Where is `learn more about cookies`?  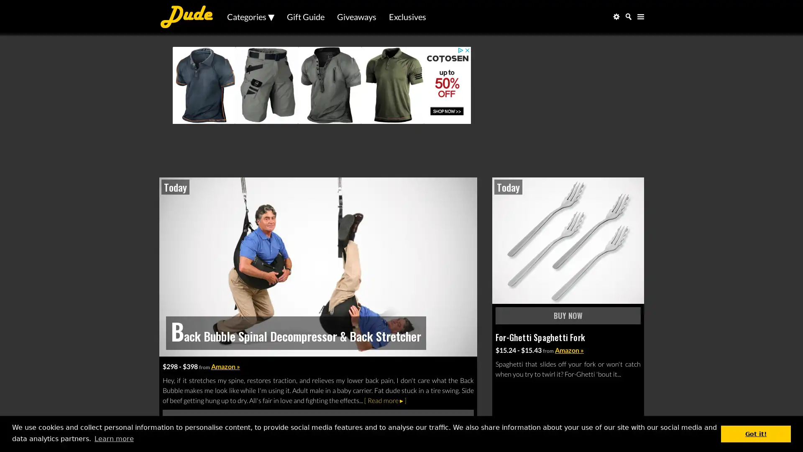
learn more about cookies is located at coordinates (113, 438).